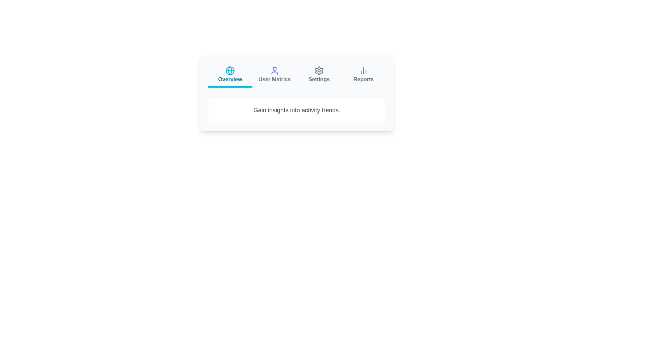 The height and width of the screenshot is (364, 647). I want to click on the tab labeled Overview, so click(230, 75).